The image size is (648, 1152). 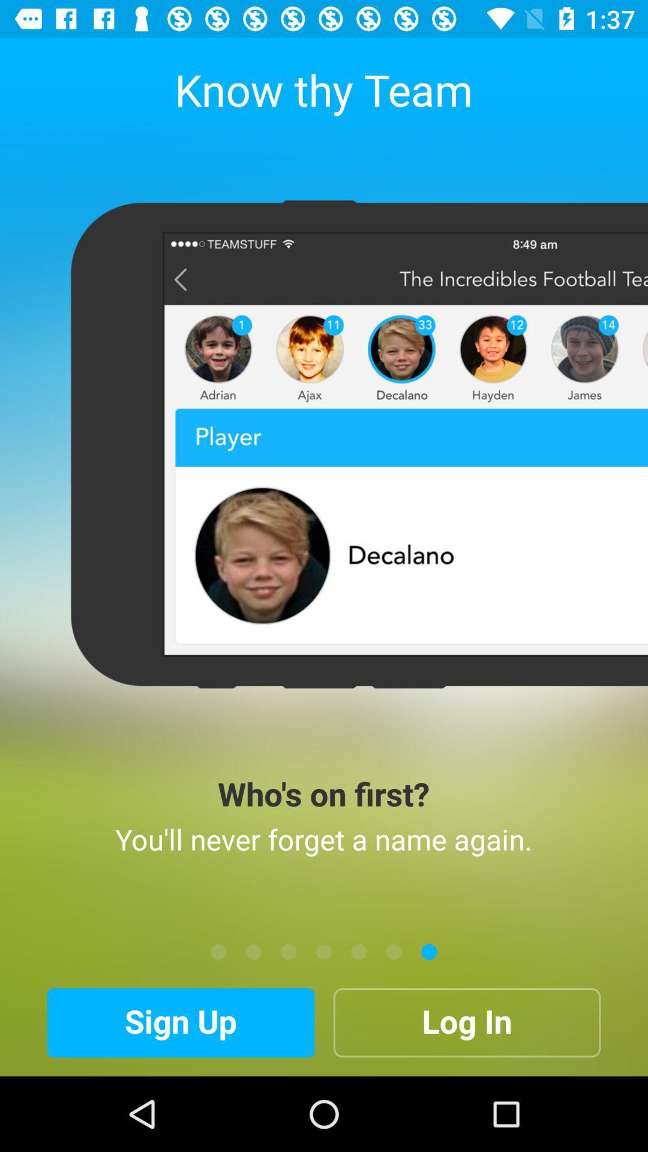 I want to click on the item above the sign up icon, so click(x=324, y=951).